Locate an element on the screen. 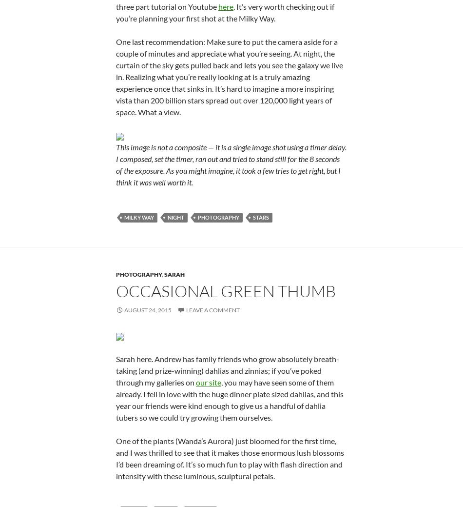 Image resolution: width=463 pixels, height=507 pixels. 'milky way' is located at coordinates (123, 216).